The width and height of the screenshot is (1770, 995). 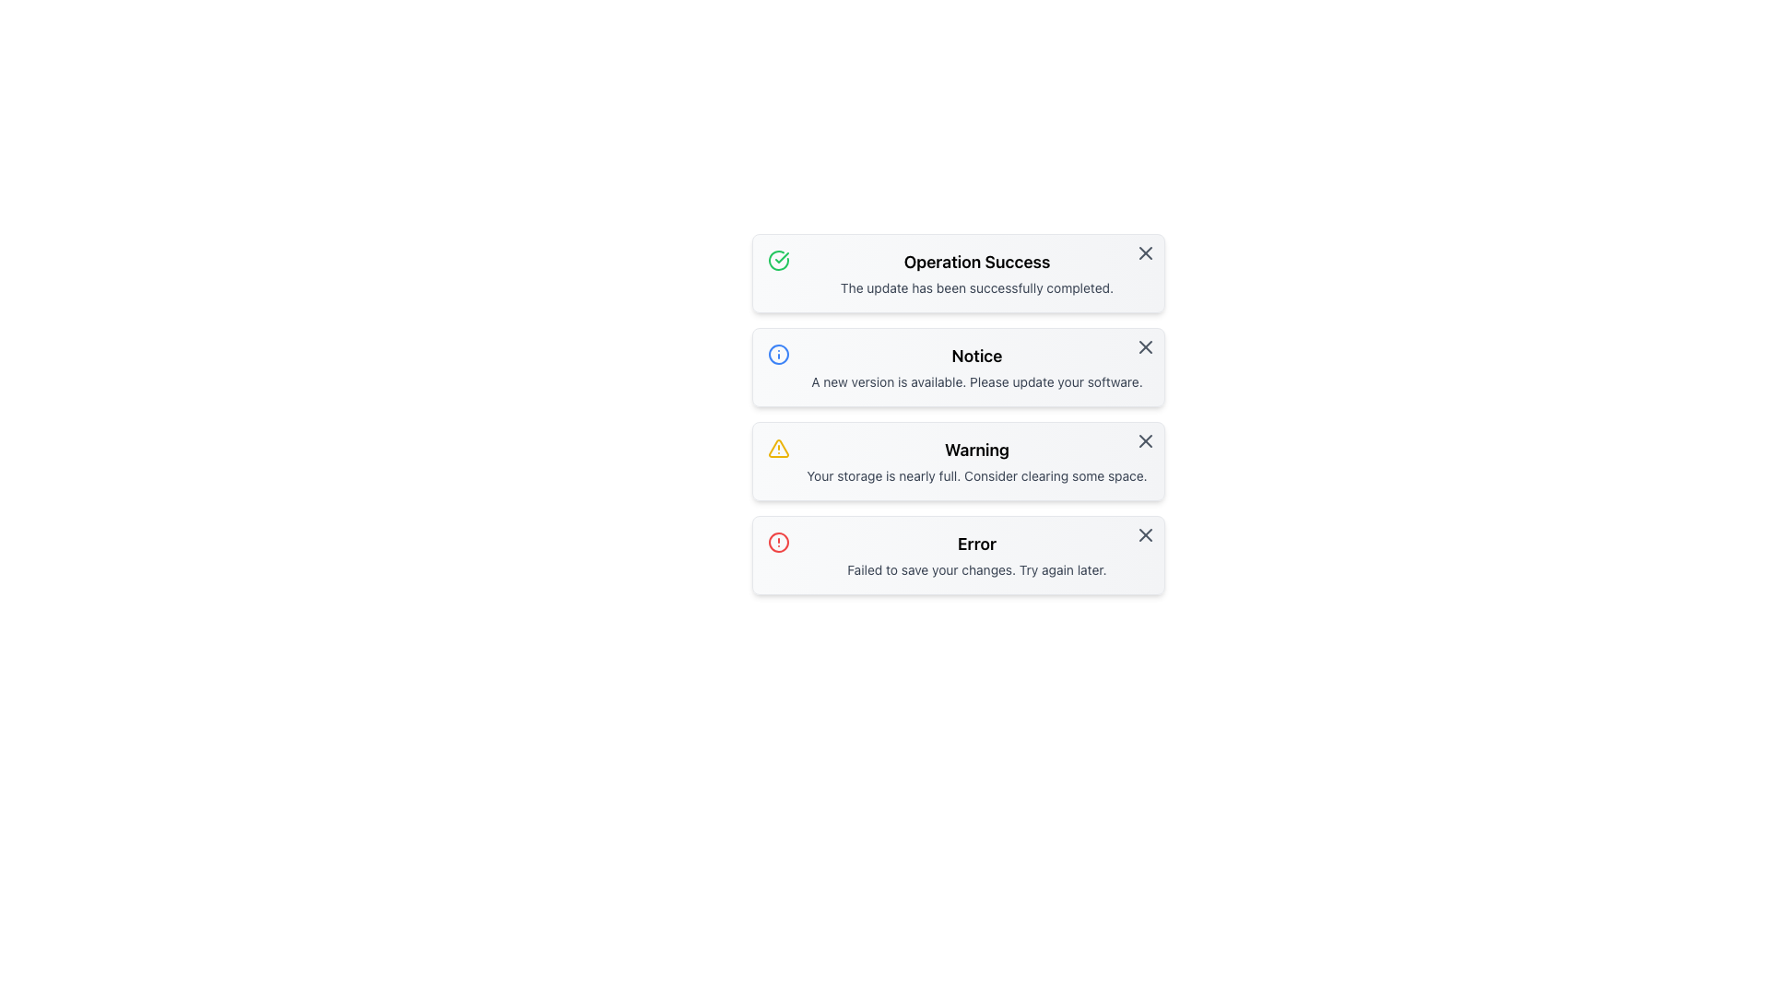 I want to click on the circular information icon with a blue border located in the second notification titled 'Notice', so click(x=778, y=355).